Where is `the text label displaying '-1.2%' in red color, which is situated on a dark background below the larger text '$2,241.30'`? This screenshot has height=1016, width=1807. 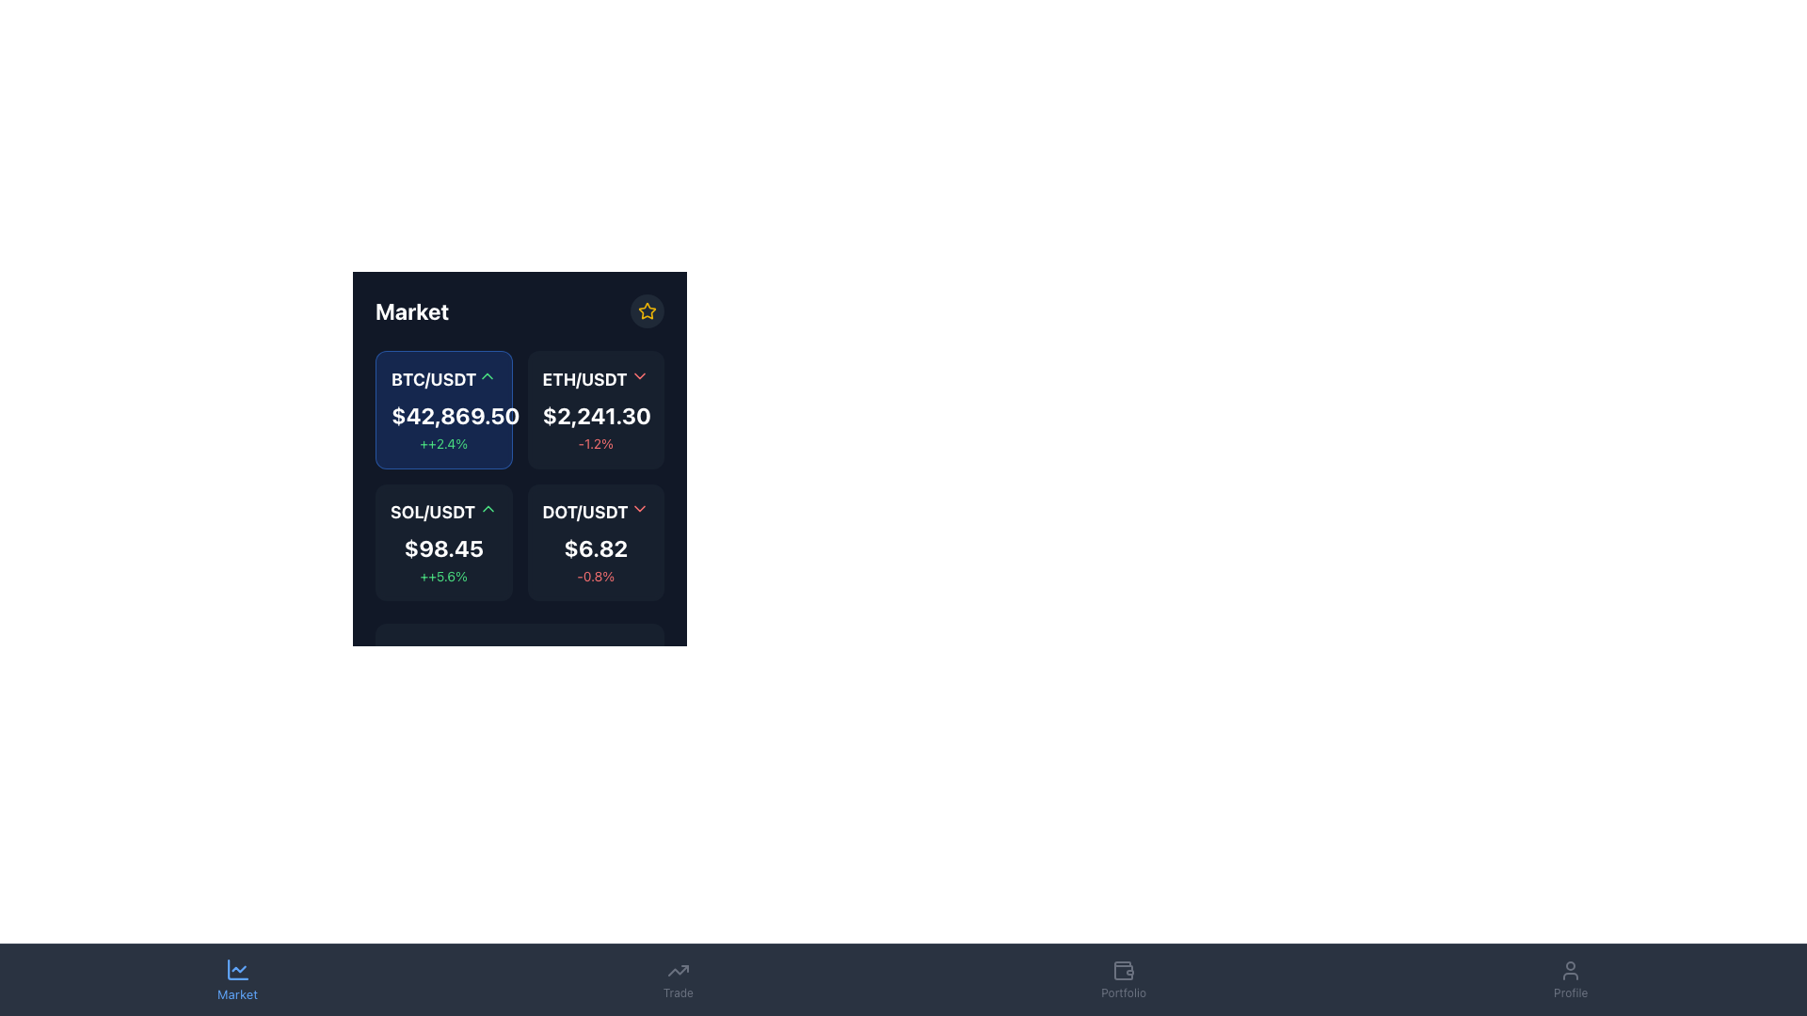
the text label displaying '-1.2%' in red color, which is situated on a dark background below the larger text '$2,241.30' is located at coordinates (595, 443).